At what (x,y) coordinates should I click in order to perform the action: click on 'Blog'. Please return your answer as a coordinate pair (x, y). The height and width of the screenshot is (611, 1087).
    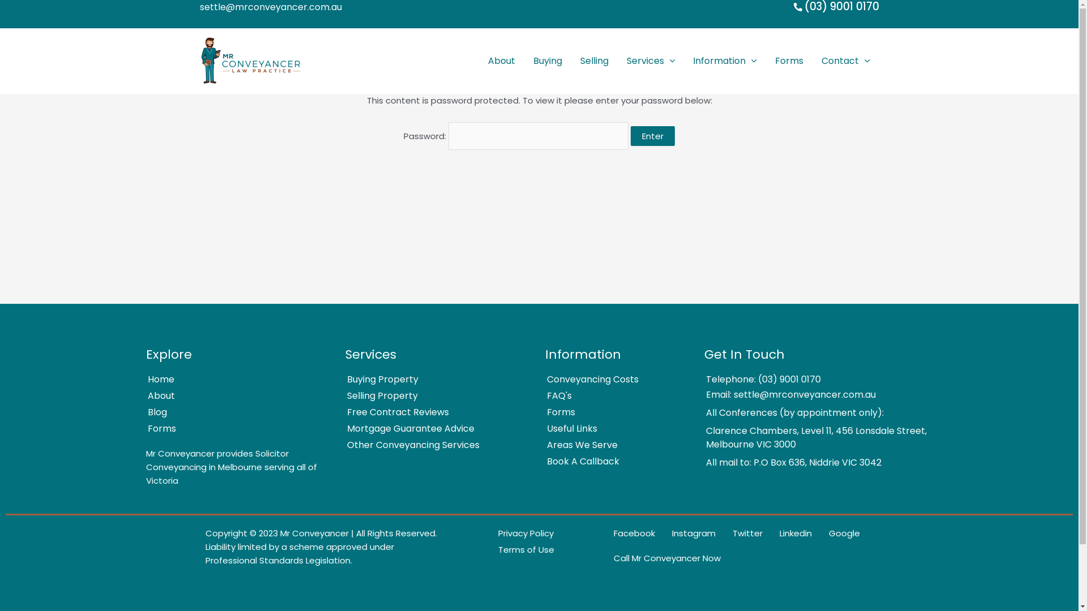
    Looking at the image, I should click on (233, 412).